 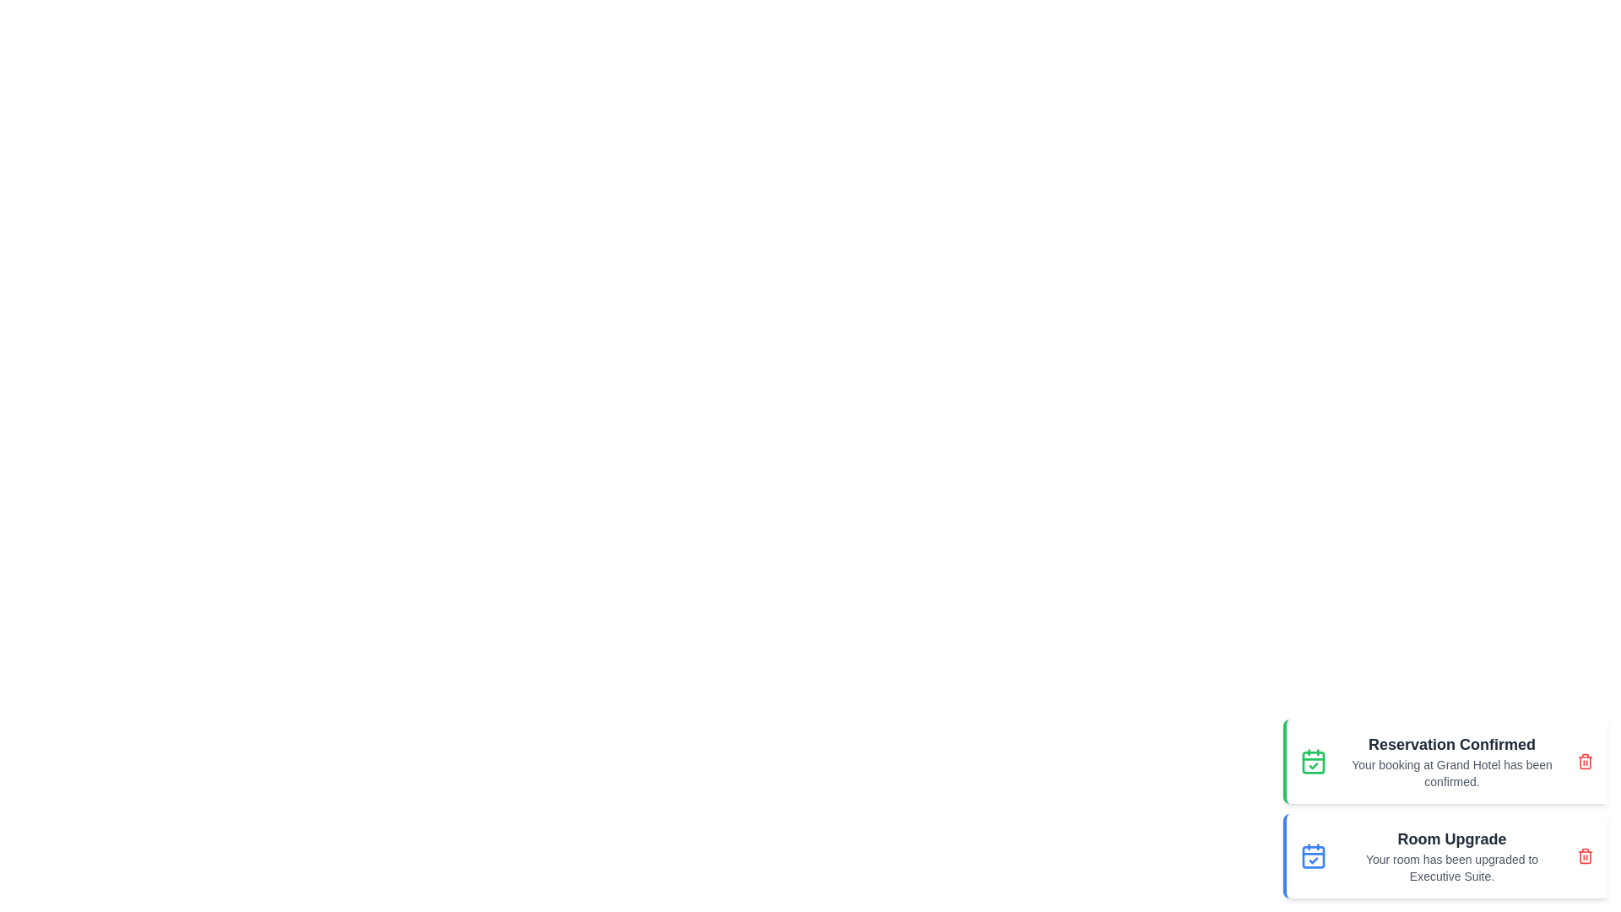 I want to click on the notification card to read its details, so click(x=1445, y=762).